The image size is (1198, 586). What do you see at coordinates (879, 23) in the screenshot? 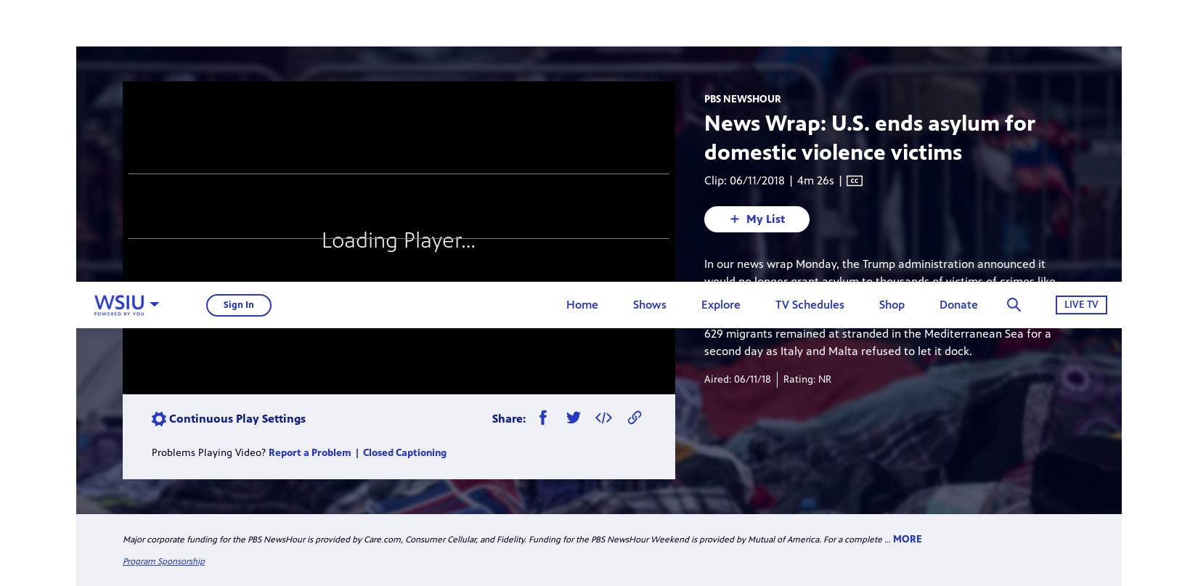
I see `'Shop'` at bounding box center [879, 23].